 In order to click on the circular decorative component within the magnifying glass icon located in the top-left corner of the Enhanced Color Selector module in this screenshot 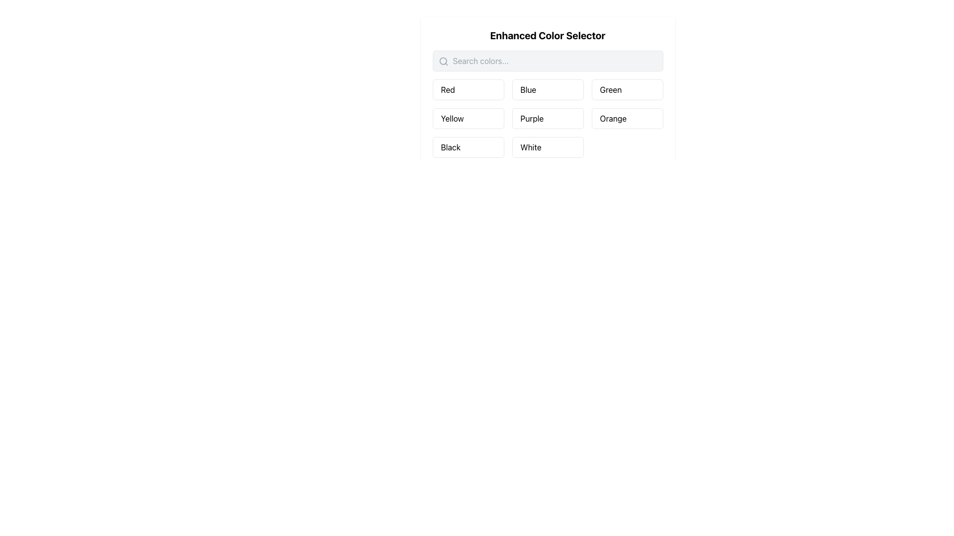, I will do `click(442, 61)`.